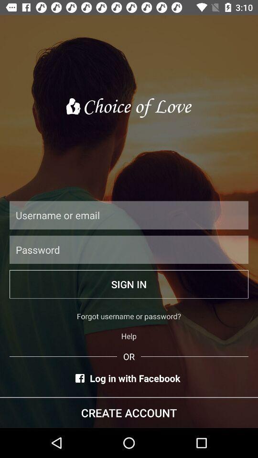 Image resolution: width=258 pixels, height=458 pixels. I want to click on create account item, so click(129, 412).